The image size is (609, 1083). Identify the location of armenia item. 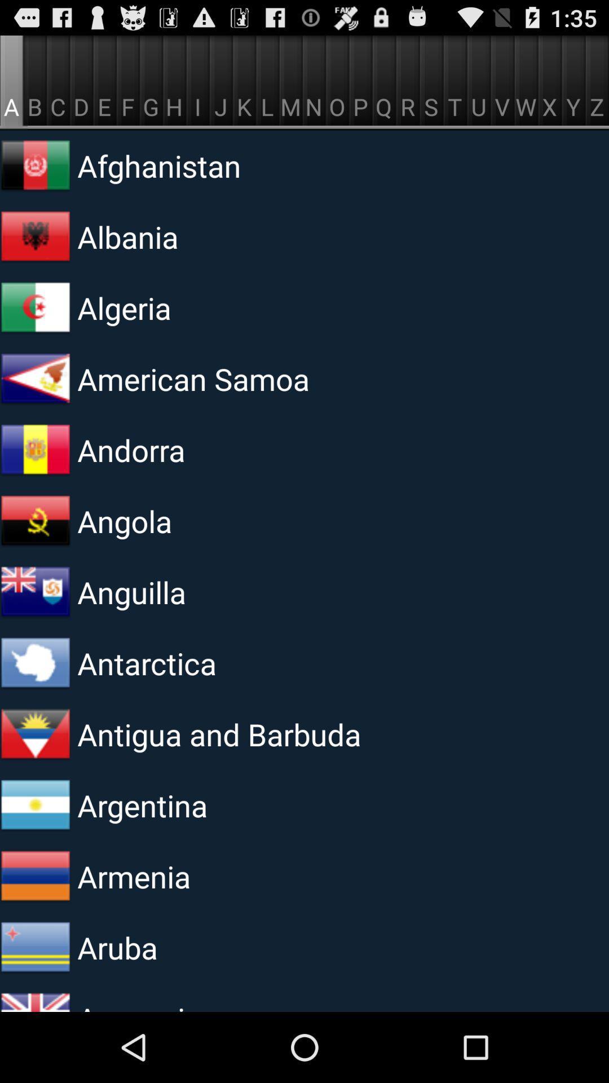
(216, 875).